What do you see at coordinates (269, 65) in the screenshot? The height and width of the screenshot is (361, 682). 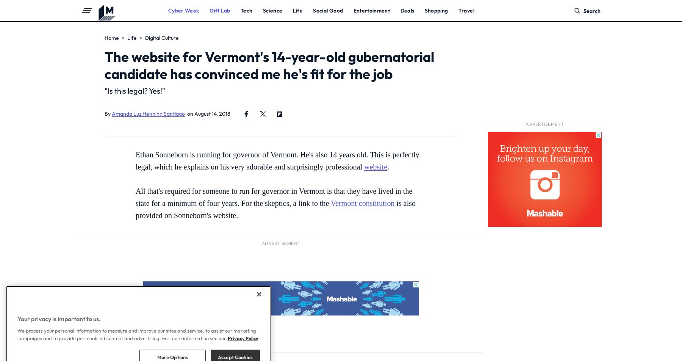 I see `'The website for Vermont's 14-year-old gubernatorial candidate has convinced me he's fit for the job'` at bounding box center [269, 65].